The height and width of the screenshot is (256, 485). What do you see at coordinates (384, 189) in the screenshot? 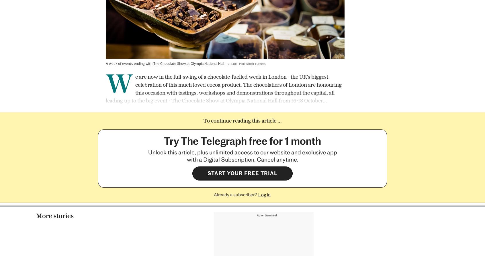
I see `'The own-brand cream cheese that beats the rest – even Philadelphia'` at bounding box center [384, 189].